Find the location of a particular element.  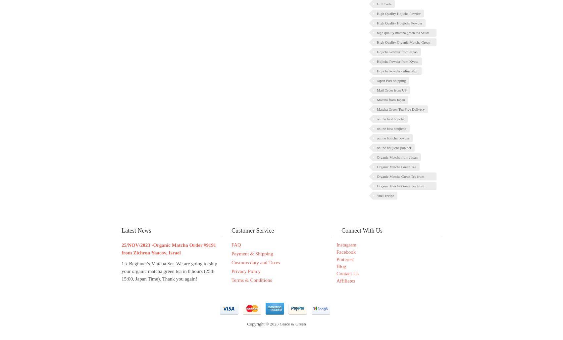

'1 x Beginner's Matcha Set. We are going to ship your organic matcha green tea in 8 hours (25th 15:00, Japan Time). Thank you again!' is located at coordinates (121, 271).